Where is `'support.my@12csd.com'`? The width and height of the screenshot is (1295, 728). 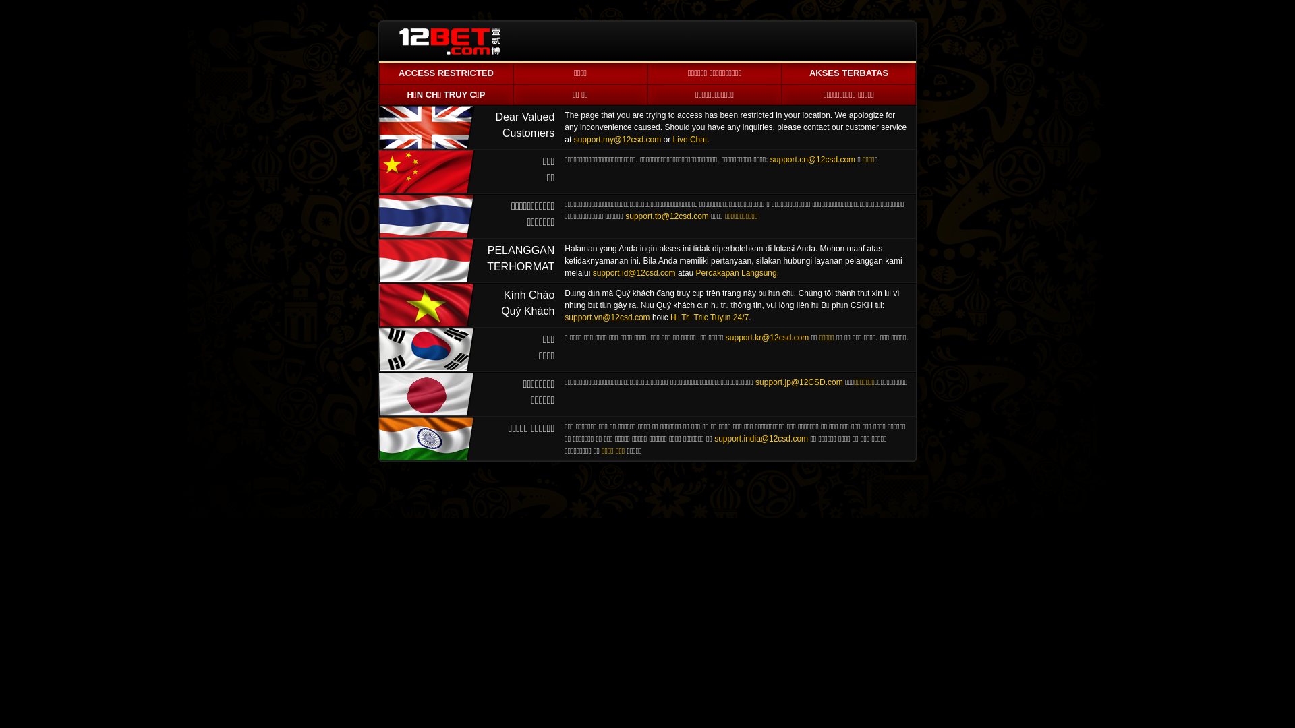 'support.my@12csd.com' is located at coordinates (617, 140).